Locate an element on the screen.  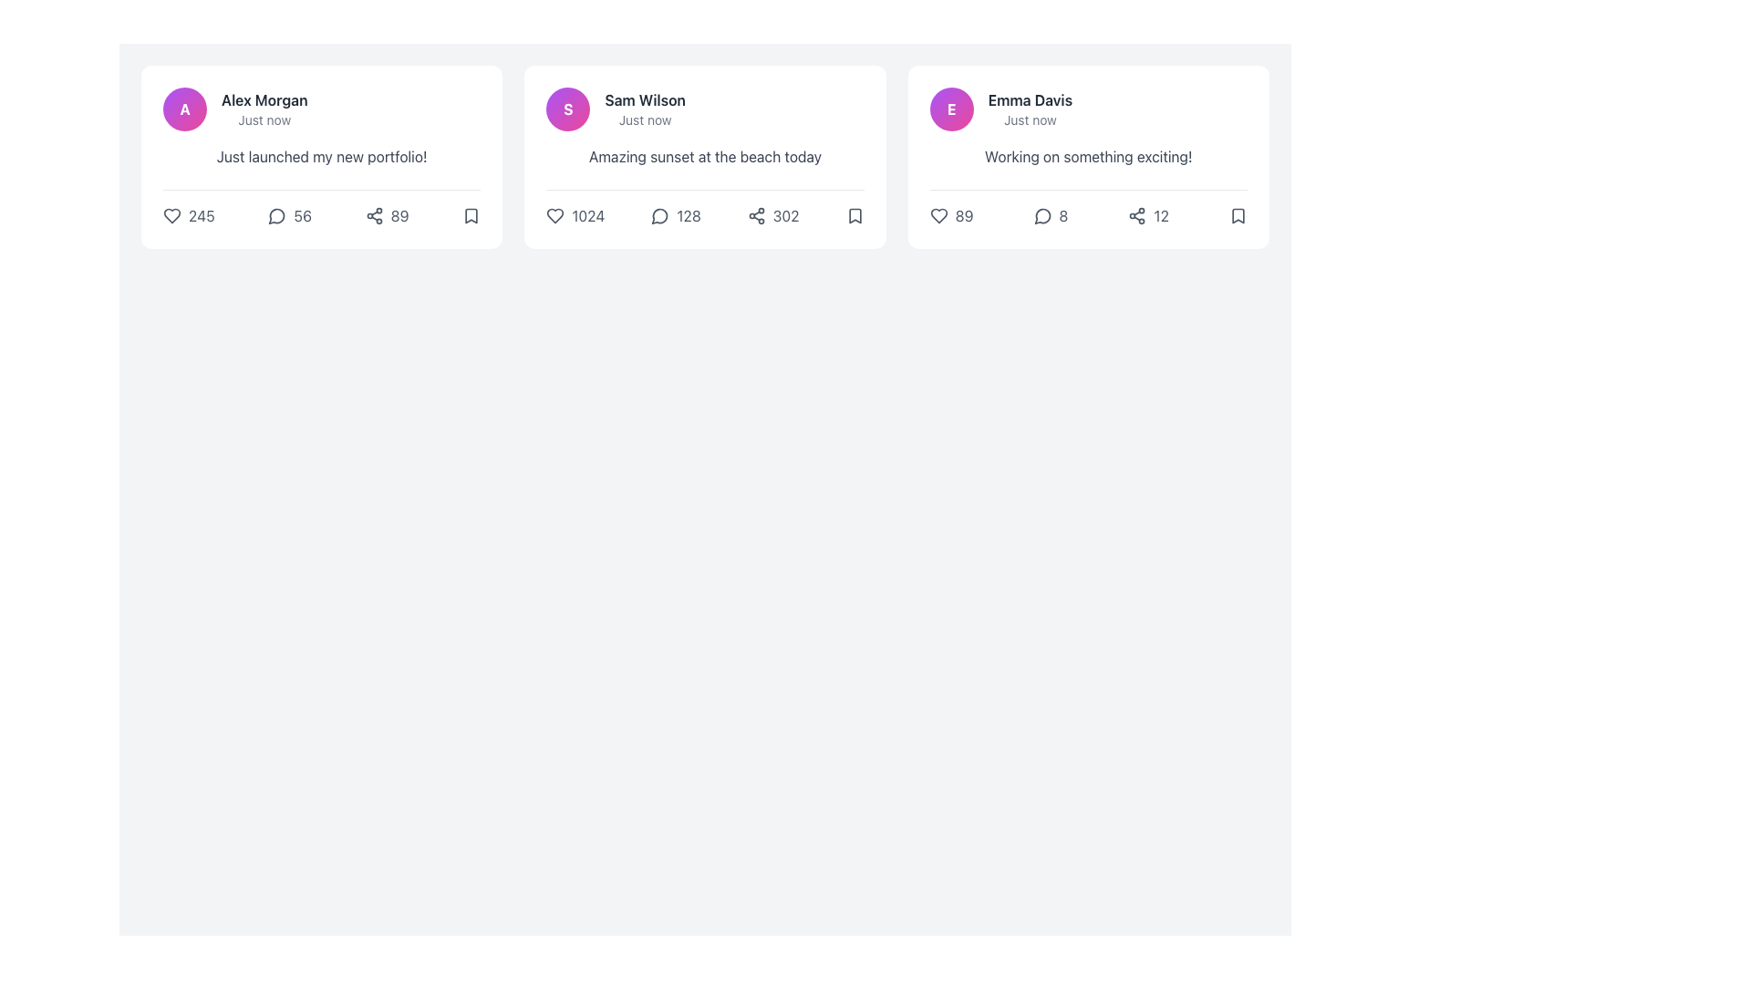
the speech bubble icon that is the second icon from the left in the bottom row of the third post card, which is styled with an outline design and has a tail pointing to the bottom-left is located at coordinates (1042, 215).